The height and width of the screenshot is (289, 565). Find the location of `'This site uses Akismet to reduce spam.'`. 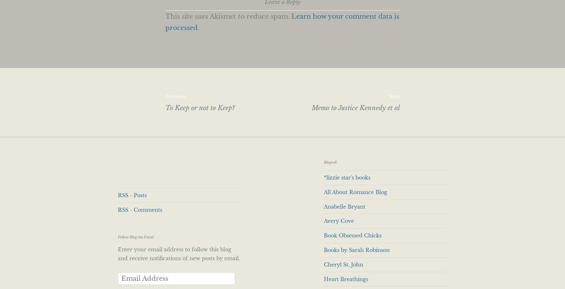

'This site uses Akismet to reduce spam.' is located at coordinates (228, 16).